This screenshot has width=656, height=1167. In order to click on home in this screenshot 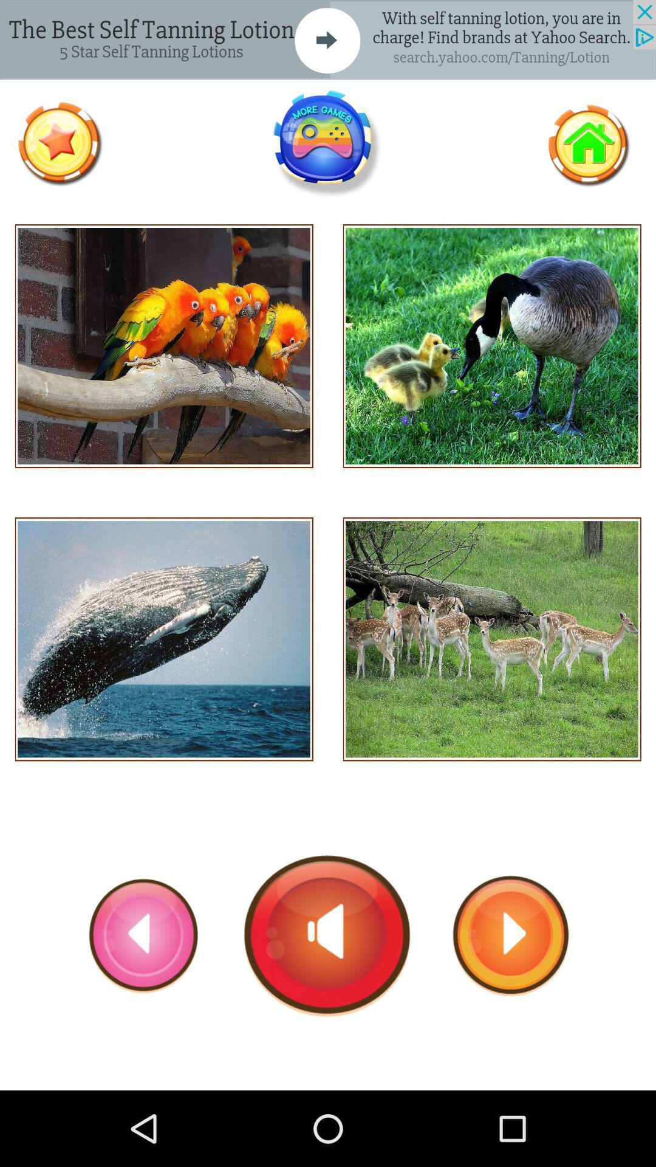, I will do `click(587, 143)`.